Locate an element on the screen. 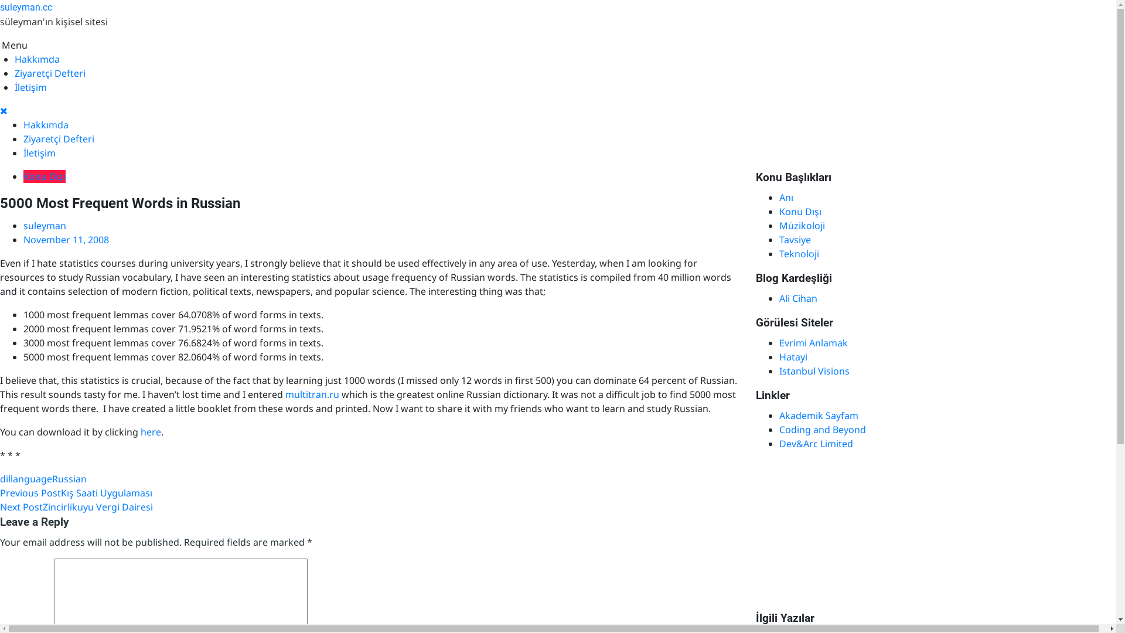 The width and height of the screenshot is (1125, 633). 'Coding and Beyond' is located at coordinates (821, 429).